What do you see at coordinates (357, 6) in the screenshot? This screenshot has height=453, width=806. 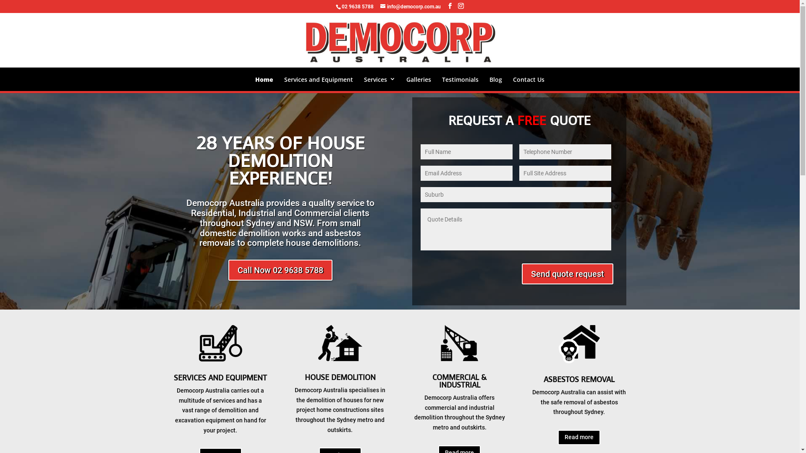 I see `'02 9638 5788'` at bounding box center [357, 6].